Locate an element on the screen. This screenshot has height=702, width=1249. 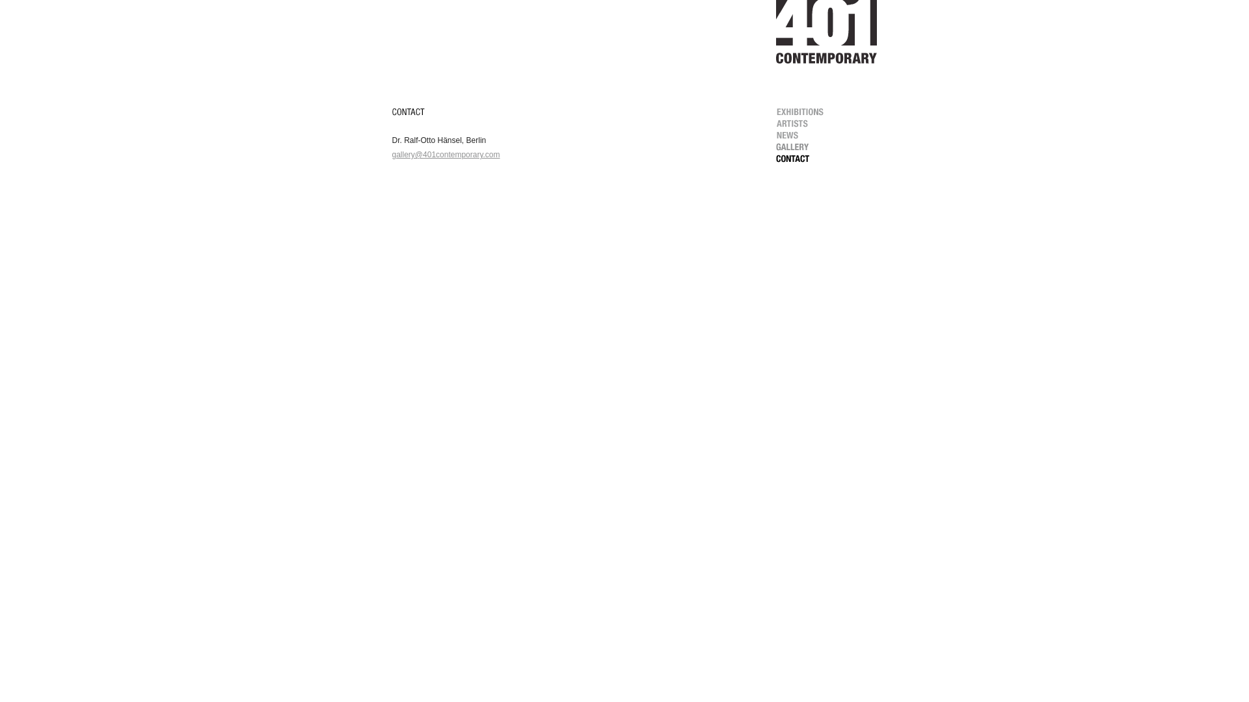
'gallery@401contemporary.com' is located at coordinates (390, 154).